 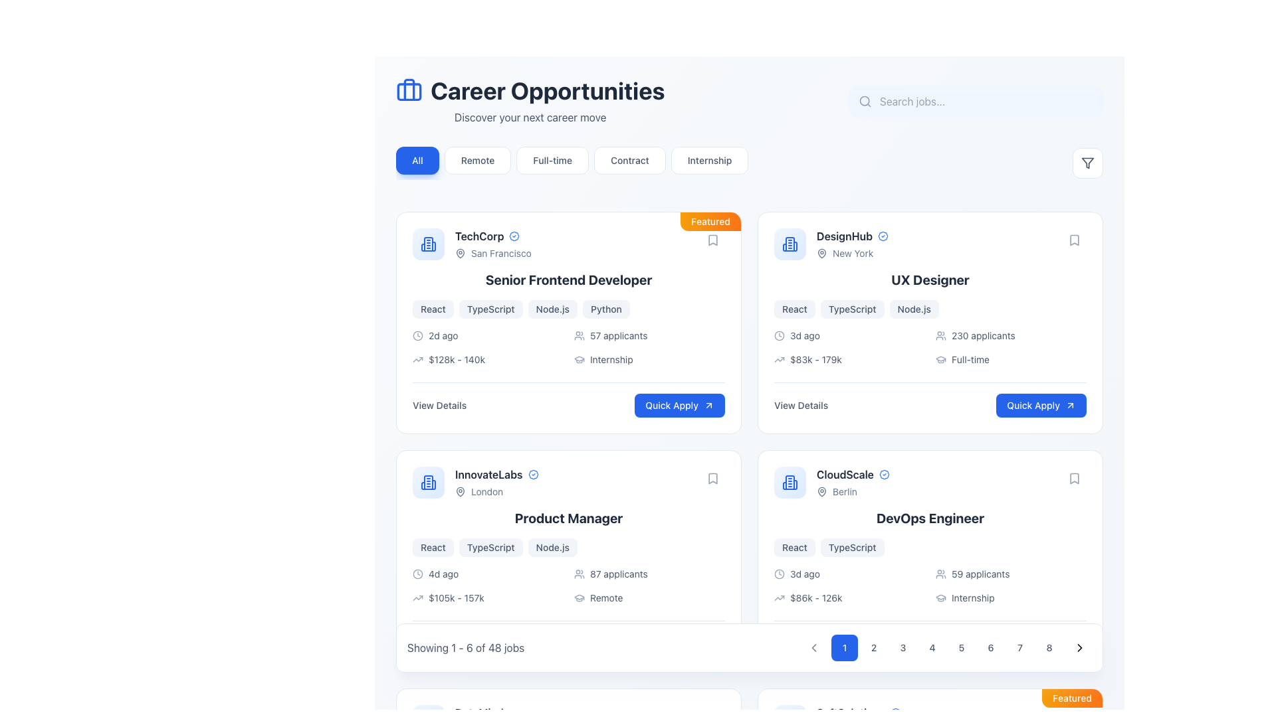 I want to click on verification badge icon for 'InnovateLabs', which indicates its credibility, located to the right of the 'InnovateLabs' text in the job listing for 'Product Manager', so click(x=533, y=473).